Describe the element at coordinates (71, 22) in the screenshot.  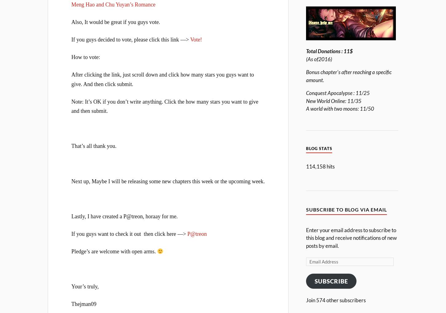
I see `'Also, It would be great if you guys vote.'` at that location.